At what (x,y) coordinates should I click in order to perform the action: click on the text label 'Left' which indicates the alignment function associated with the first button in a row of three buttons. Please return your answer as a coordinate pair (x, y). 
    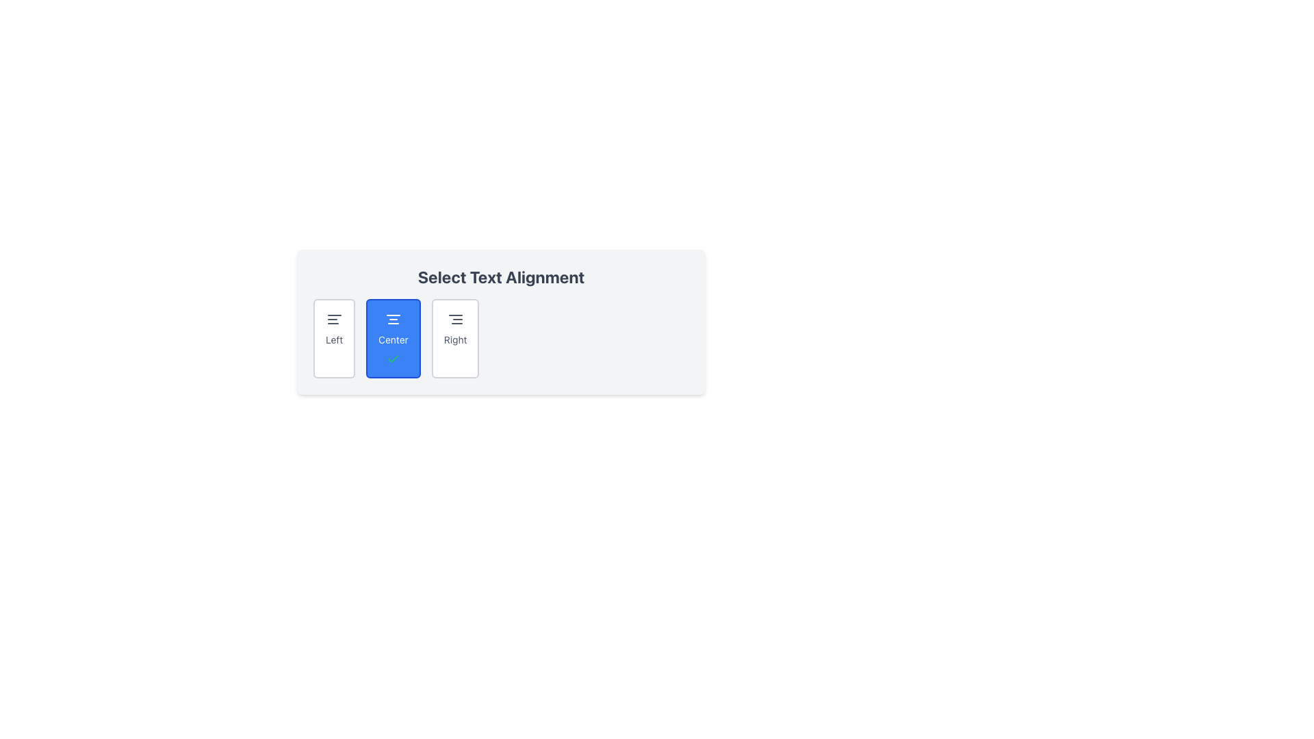
    Looking at the image, I should click on (334, 339).